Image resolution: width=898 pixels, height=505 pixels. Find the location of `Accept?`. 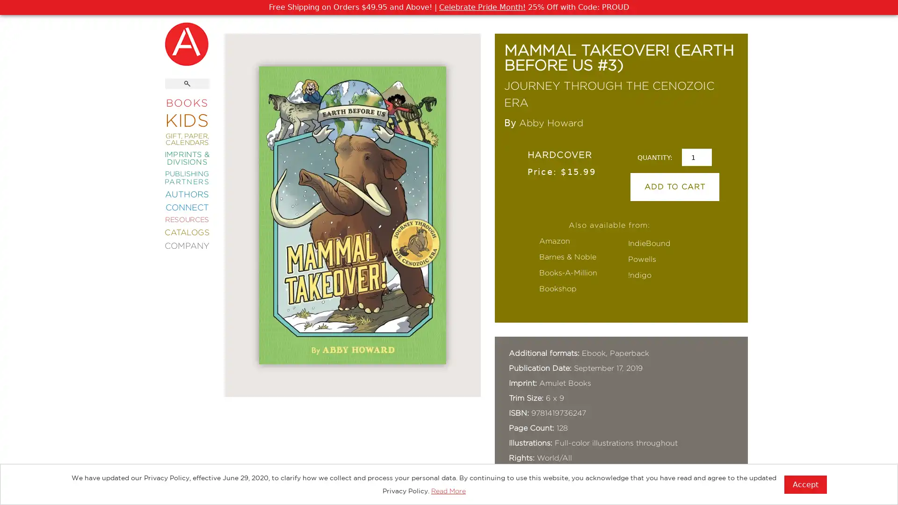

Accept? is located at coordinates (805, 484).